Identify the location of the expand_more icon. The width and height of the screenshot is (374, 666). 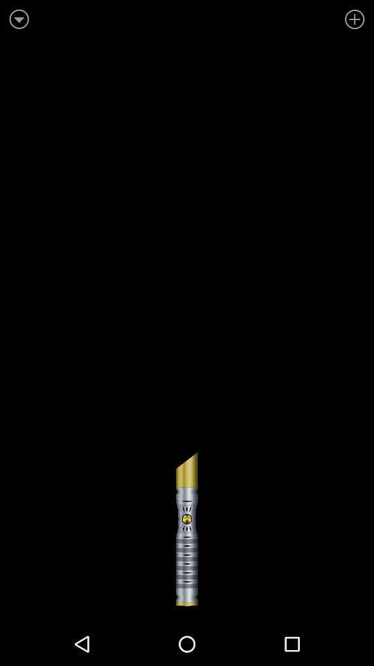
(20, 18).